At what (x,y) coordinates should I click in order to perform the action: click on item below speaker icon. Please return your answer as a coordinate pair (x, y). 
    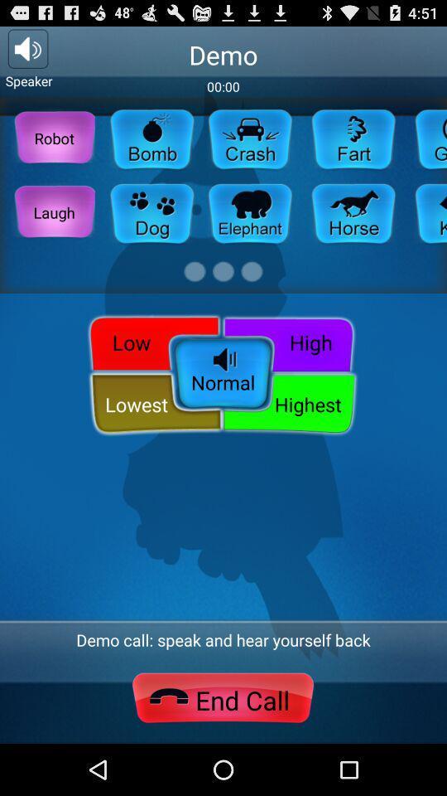
    Looking at the image, I should click on (54, 137).